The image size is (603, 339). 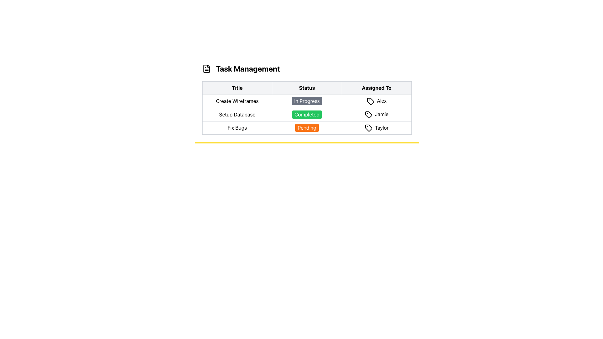 What do you see at coordinates (307, 100) in the screenshot?
I see `the 'In Progress' status indicator label, which is a rounded rectangular button with a gray background and white text, located in the second column of the first row of the table, positioned between 'Create Wireframes' and 'Alex'` at bounding box center [307, 100].